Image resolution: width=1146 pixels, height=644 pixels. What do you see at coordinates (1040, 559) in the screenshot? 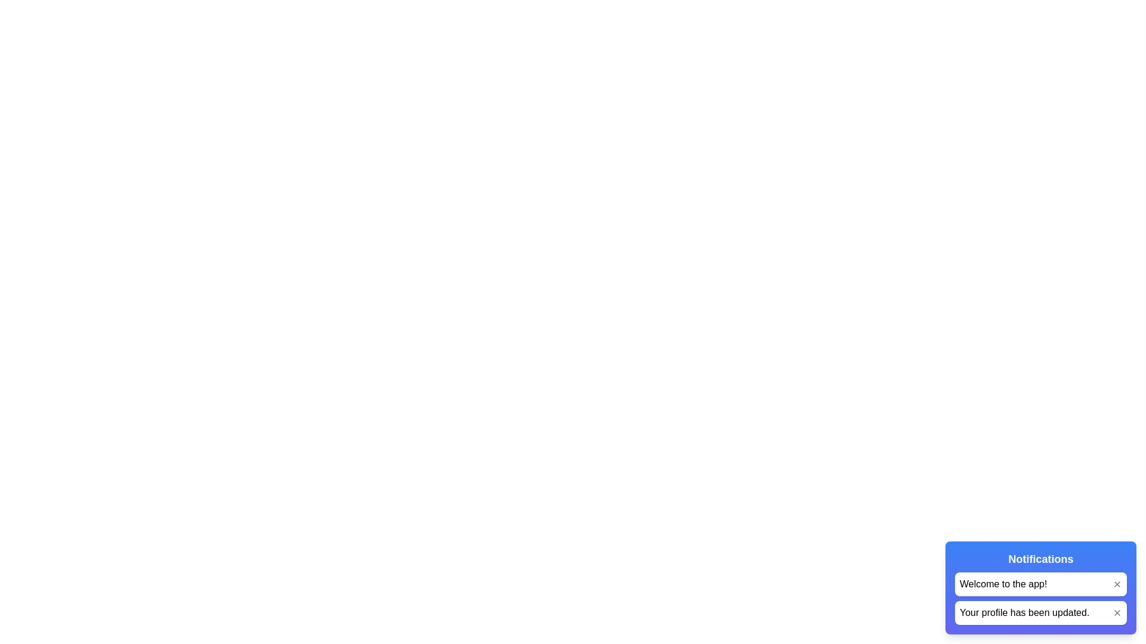
I see `the bold, large-sized text label with the word 'Notifications' styled in white against a blue background, located at the top section of the notification card in the bottom-right corner of the interface` at bounding box center [1040, 559].